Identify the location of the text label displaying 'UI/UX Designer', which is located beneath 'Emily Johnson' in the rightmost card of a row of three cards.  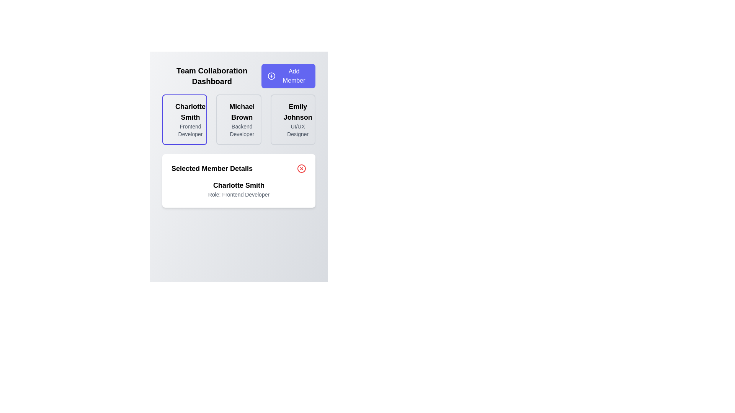
(297, 130).